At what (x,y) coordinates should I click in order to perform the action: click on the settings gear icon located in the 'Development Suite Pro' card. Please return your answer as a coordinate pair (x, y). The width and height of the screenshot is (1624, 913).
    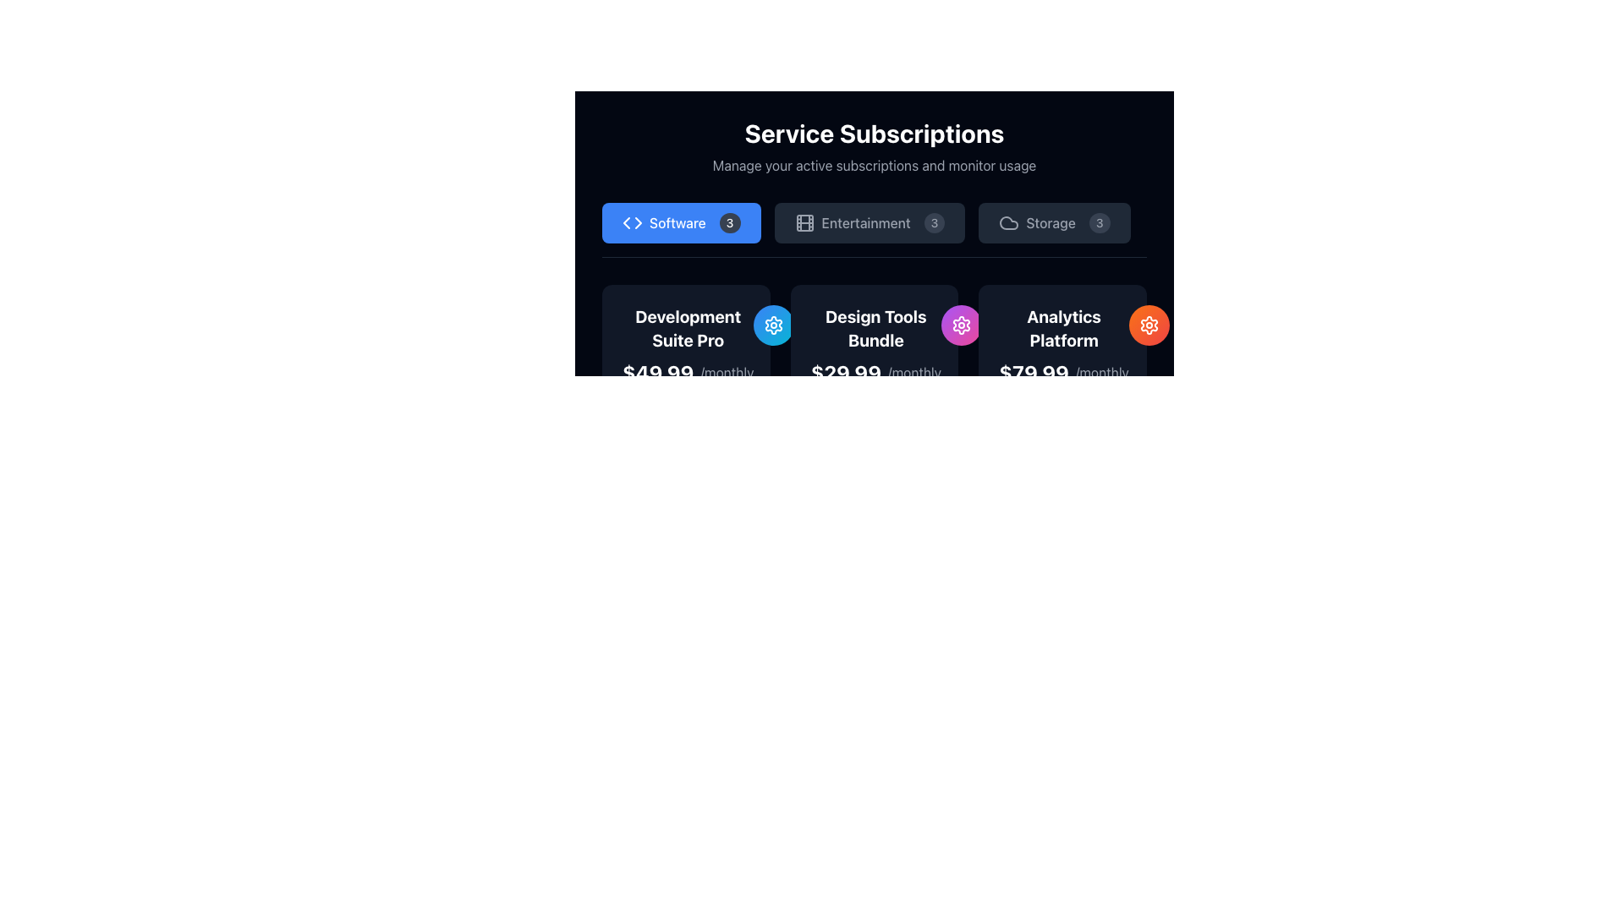
    Looking at the image, I should click on (773, 325).